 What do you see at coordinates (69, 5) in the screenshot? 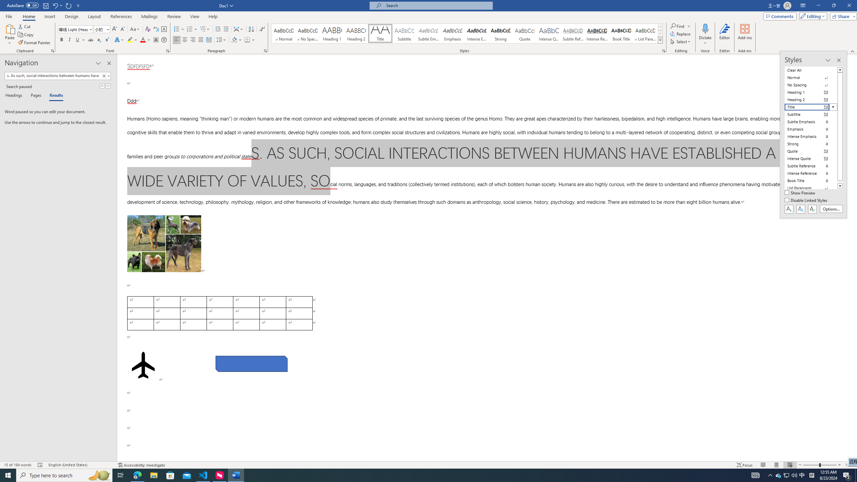
I see `'Repeat Style'` at bounding box center [69, 5].